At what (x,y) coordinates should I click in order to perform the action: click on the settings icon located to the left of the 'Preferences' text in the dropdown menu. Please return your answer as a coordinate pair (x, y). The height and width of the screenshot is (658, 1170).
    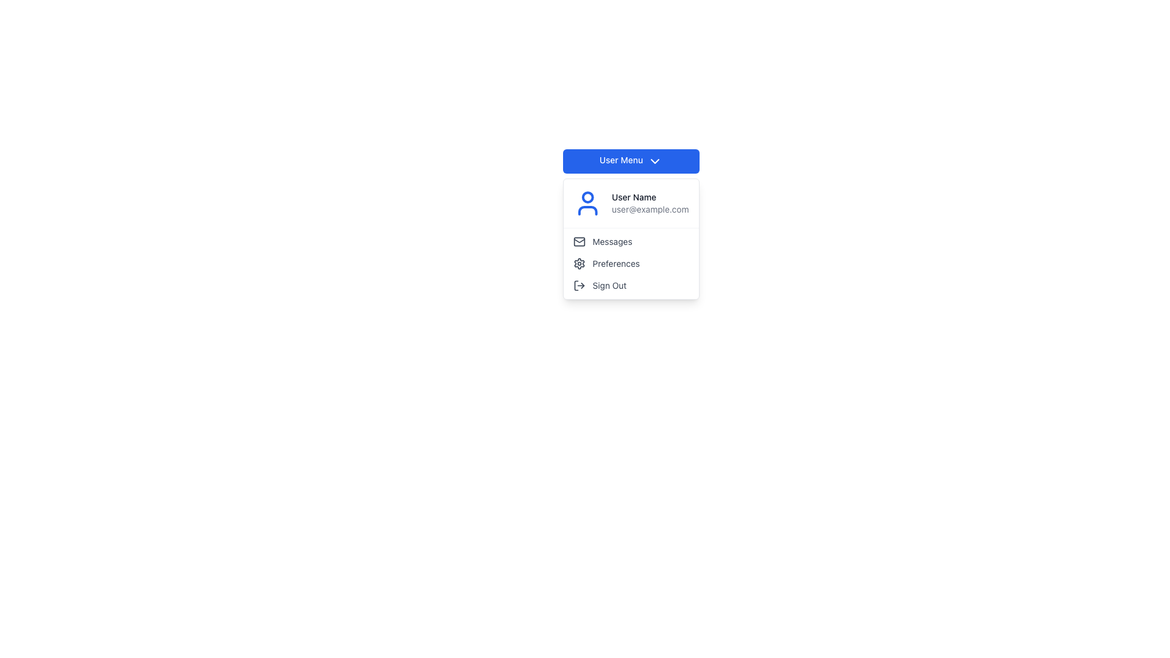
    Looking at the image, I should click on (578, 263).